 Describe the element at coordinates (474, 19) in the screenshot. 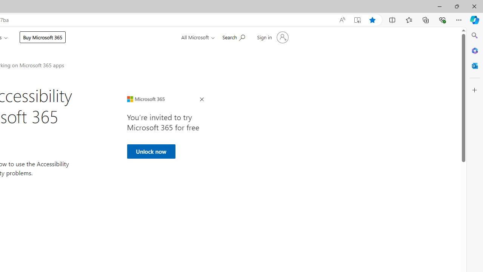

I see `'Copilot (Ctrl+Shift+.)'` at that location.